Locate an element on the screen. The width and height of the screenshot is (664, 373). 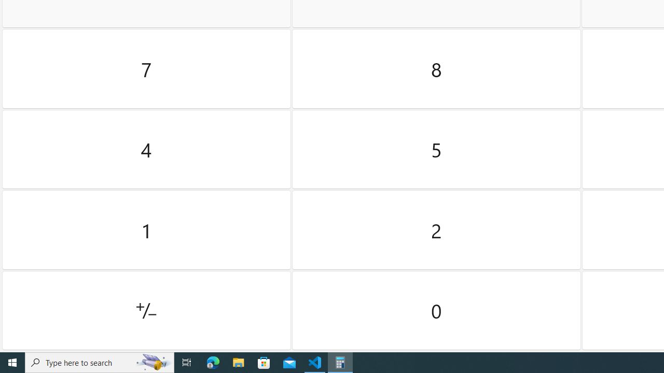
'Start' is located at coordinates (12, 362).